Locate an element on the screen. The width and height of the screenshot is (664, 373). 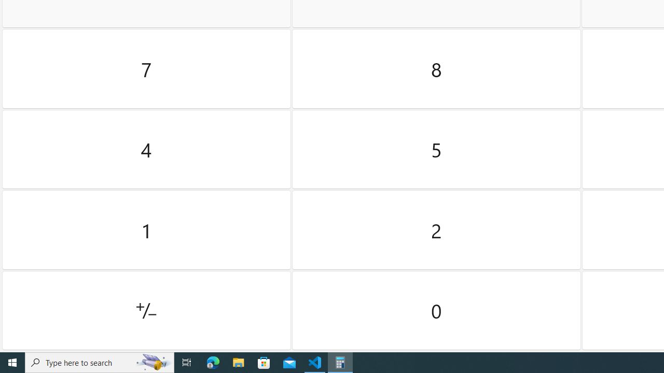
'Start' is located at coordinates (12, 362).